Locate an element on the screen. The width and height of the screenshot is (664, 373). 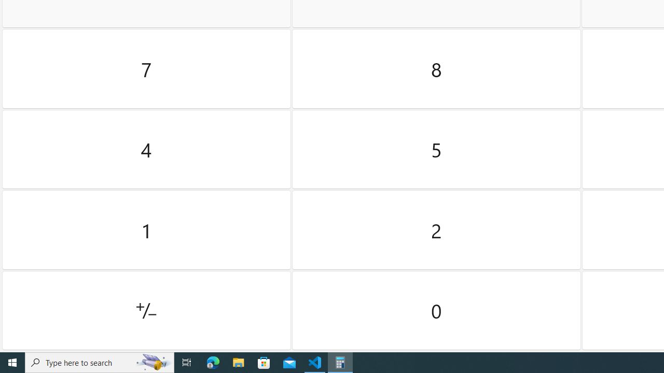
'Start' is located at coordinates (12, 362).